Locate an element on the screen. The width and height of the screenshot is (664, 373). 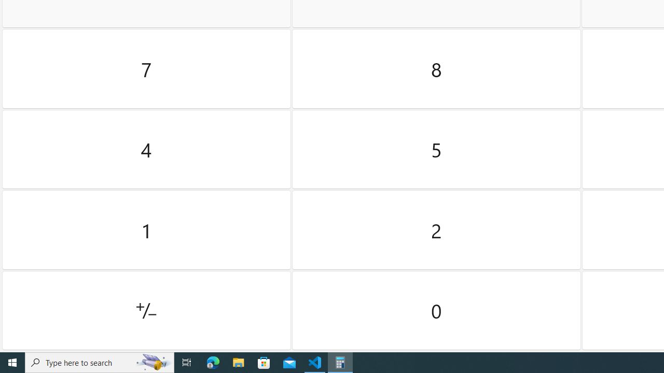
'Start' is located at coordinates (12, 362).